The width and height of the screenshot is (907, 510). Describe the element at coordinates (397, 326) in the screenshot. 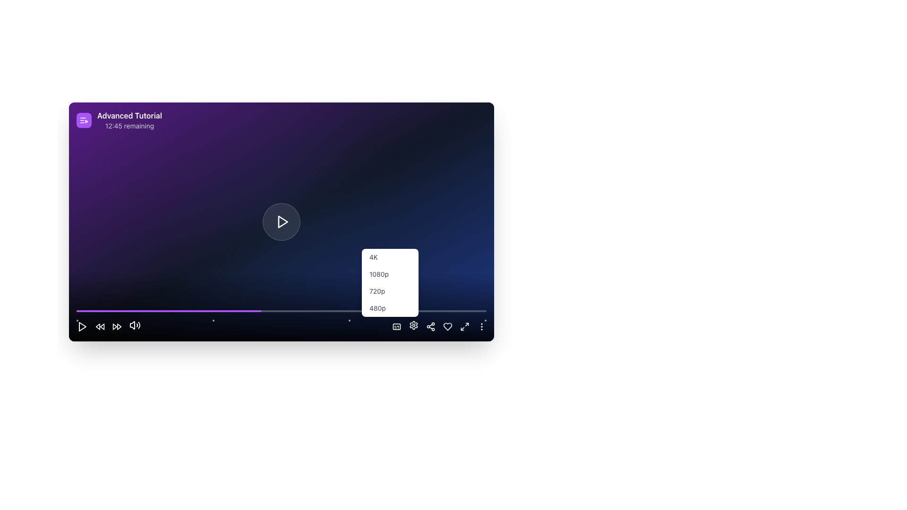

I see `the closed captions toggle button located on the bottom-center toolbar of the video player` at that location.